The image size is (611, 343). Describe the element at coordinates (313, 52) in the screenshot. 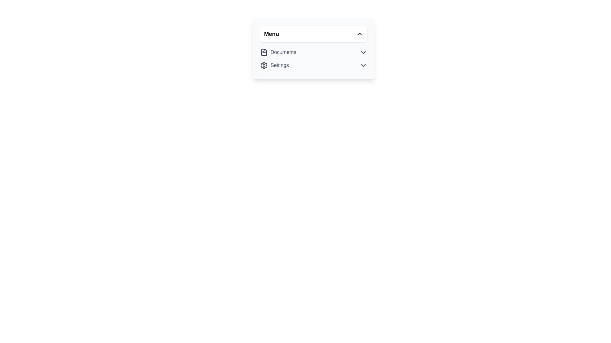

I see `the 'Documents' expandable menu item located at the top of the 'Menu' section` at that location.